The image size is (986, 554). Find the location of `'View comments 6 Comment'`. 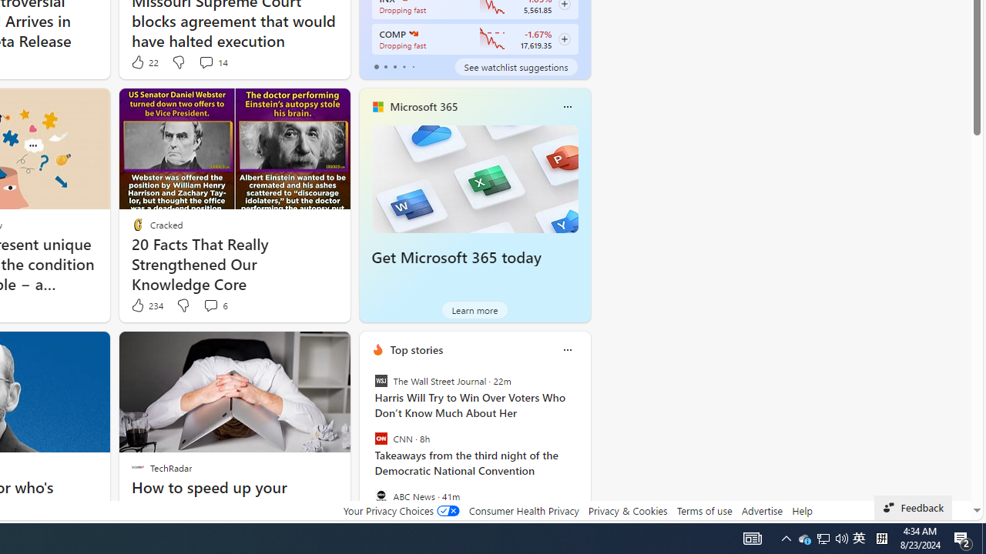

'View comments 6 Comment' is located at coordinates (214, 305).